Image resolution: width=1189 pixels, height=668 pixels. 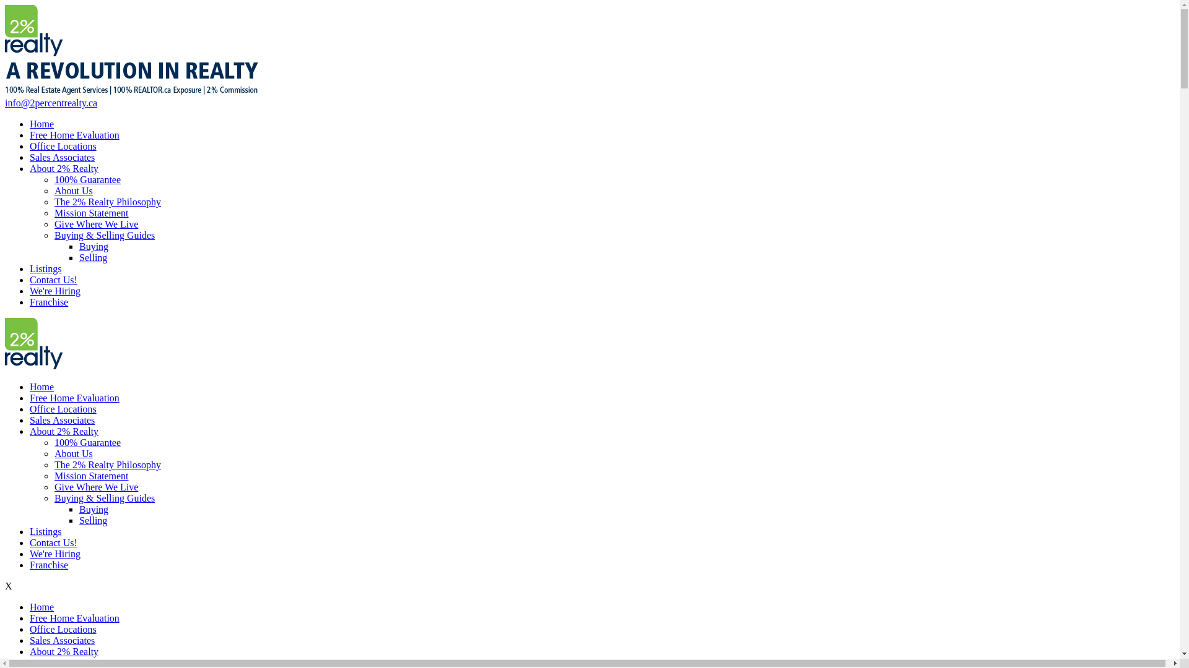 What do you see at coordinates (93, 246) in the screenshot?
I see `'Buying'` at bounding box center [93, 246].